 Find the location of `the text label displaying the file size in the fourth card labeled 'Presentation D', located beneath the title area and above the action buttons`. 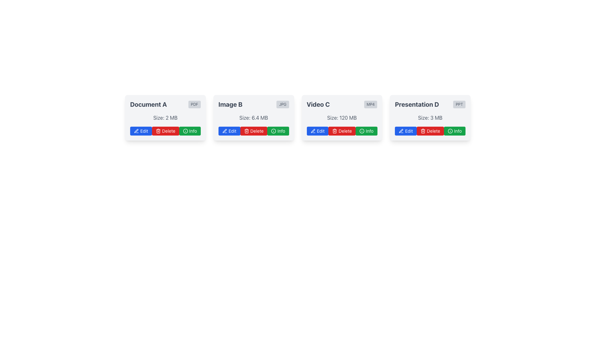

the text label displaying the file size in the fourth card labeled 'Presentation D', located beneath the title area and above the action buttons is located at coordinates (430, 117).